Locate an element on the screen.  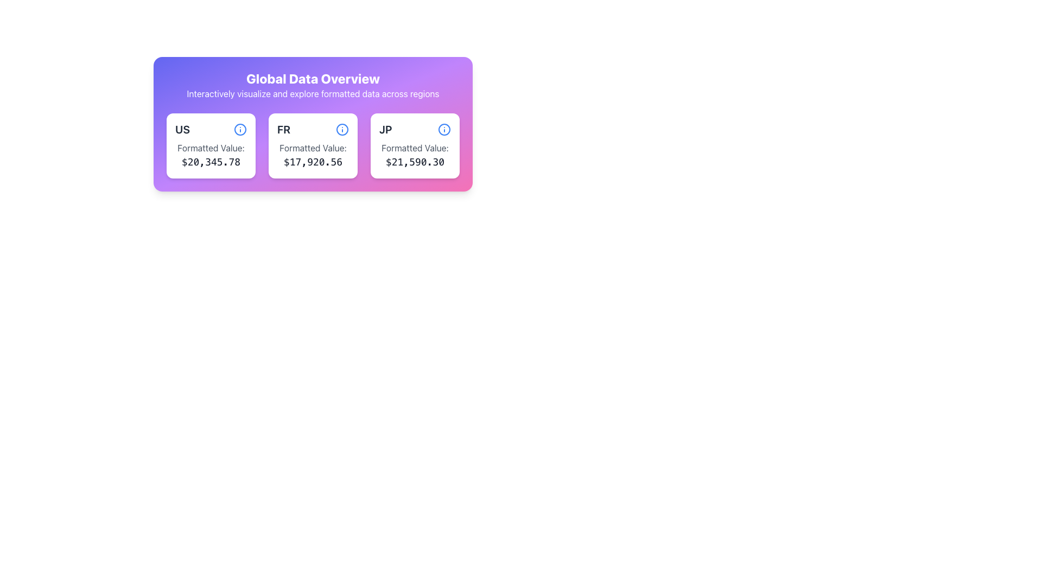
the SVG circle with a blue stroke located next to the 'FR' label in the middle of the overview panel is located at coordinates (341, 129).